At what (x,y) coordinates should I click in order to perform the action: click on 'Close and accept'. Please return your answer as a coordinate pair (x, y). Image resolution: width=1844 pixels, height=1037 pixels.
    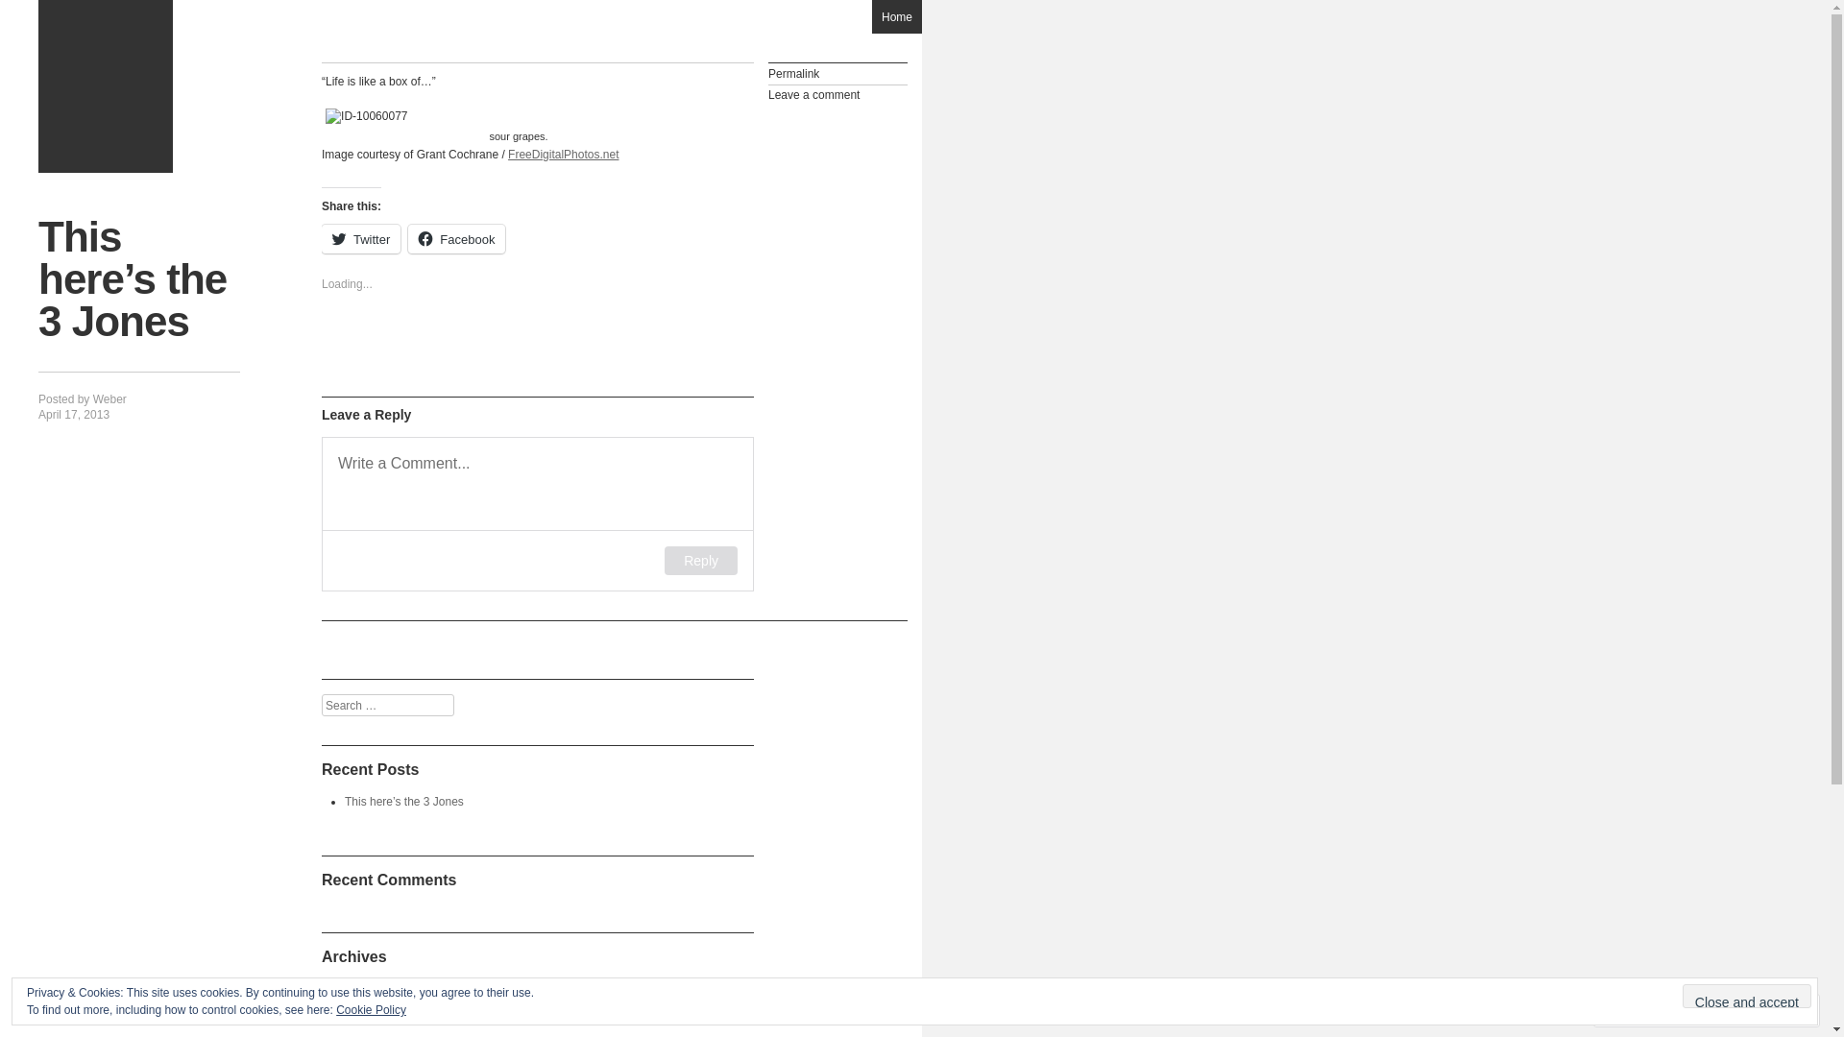
    Looking at the image, I should click on (1682, 995).